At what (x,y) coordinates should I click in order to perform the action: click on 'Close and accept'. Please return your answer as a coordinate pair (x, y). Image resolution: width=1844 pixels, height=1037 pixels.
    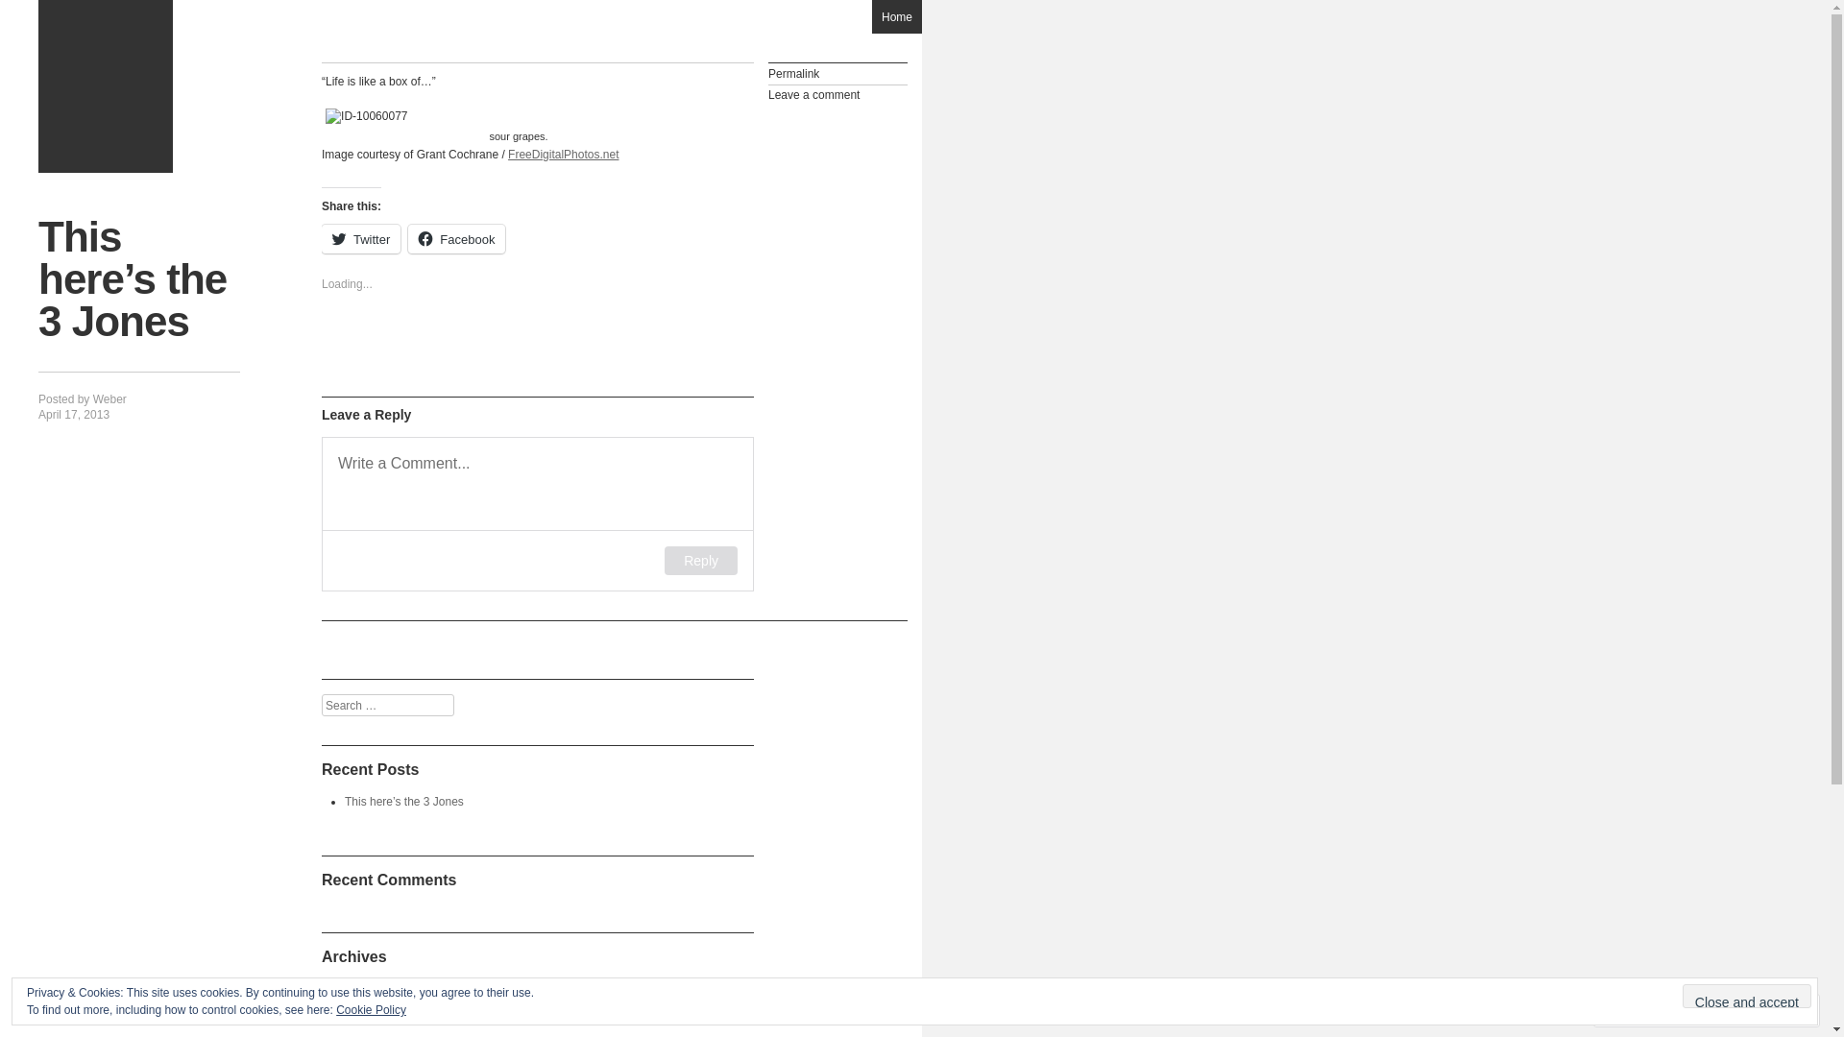
    Looking at the image, I should click on (1682, 995).